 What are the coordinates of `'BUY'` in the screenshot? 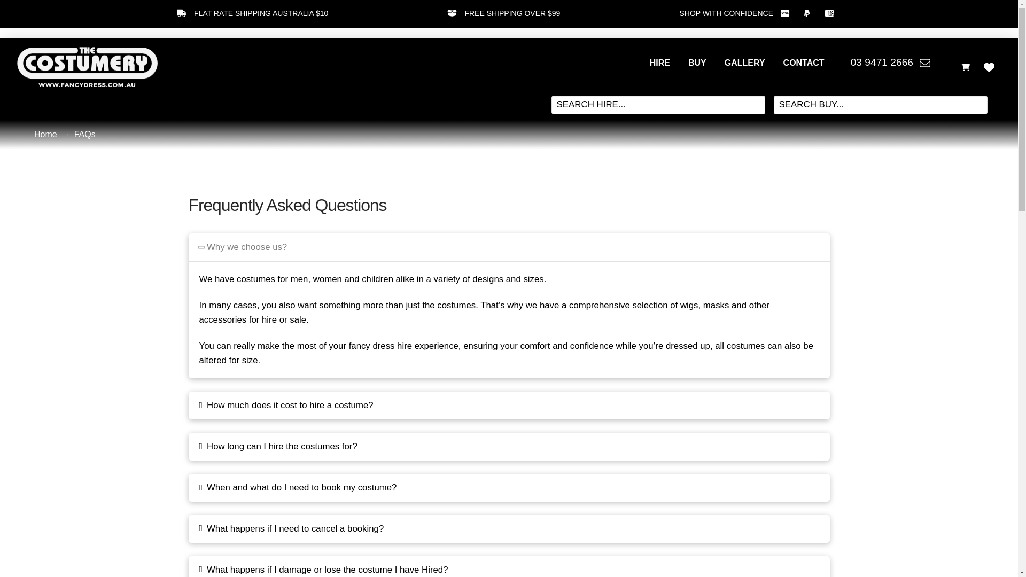 It's located at (697, 63).